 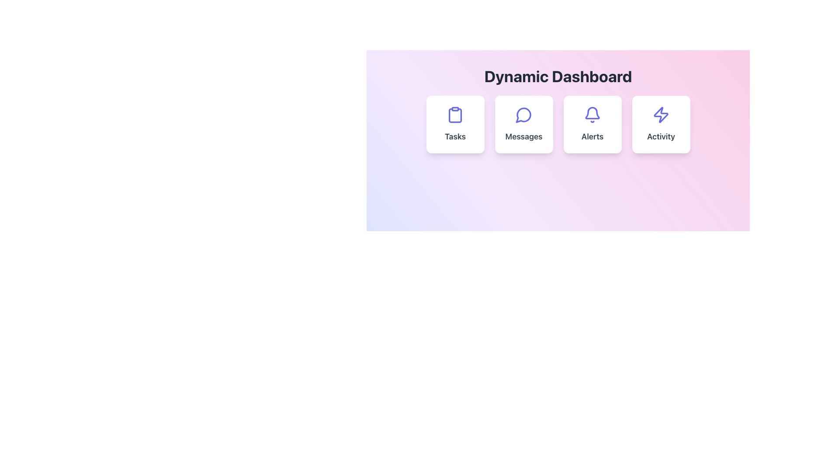 What do you see at coordinates (661, 114) in the screenshot?
I see `the 'Activity' icon located in the top right of the interface beneath the 'Dynamic Dashboard' title` at bounding box center [661, 114].